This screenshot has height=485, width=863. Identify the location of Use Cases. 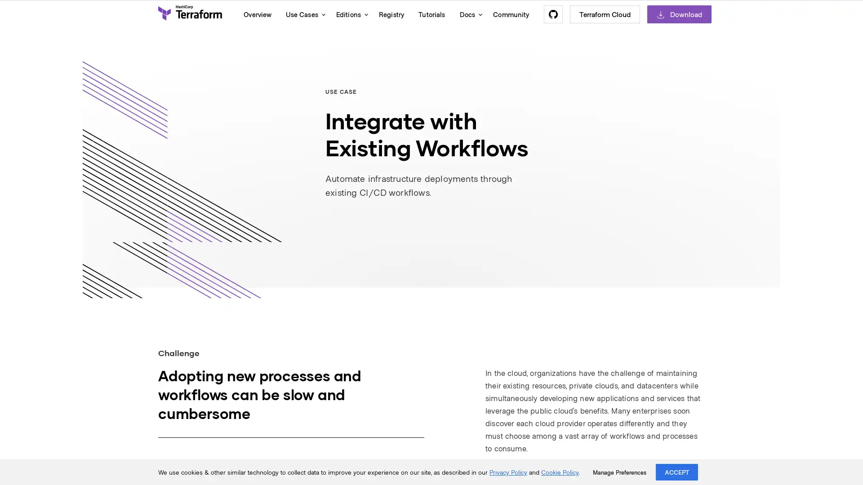
(303, 14).